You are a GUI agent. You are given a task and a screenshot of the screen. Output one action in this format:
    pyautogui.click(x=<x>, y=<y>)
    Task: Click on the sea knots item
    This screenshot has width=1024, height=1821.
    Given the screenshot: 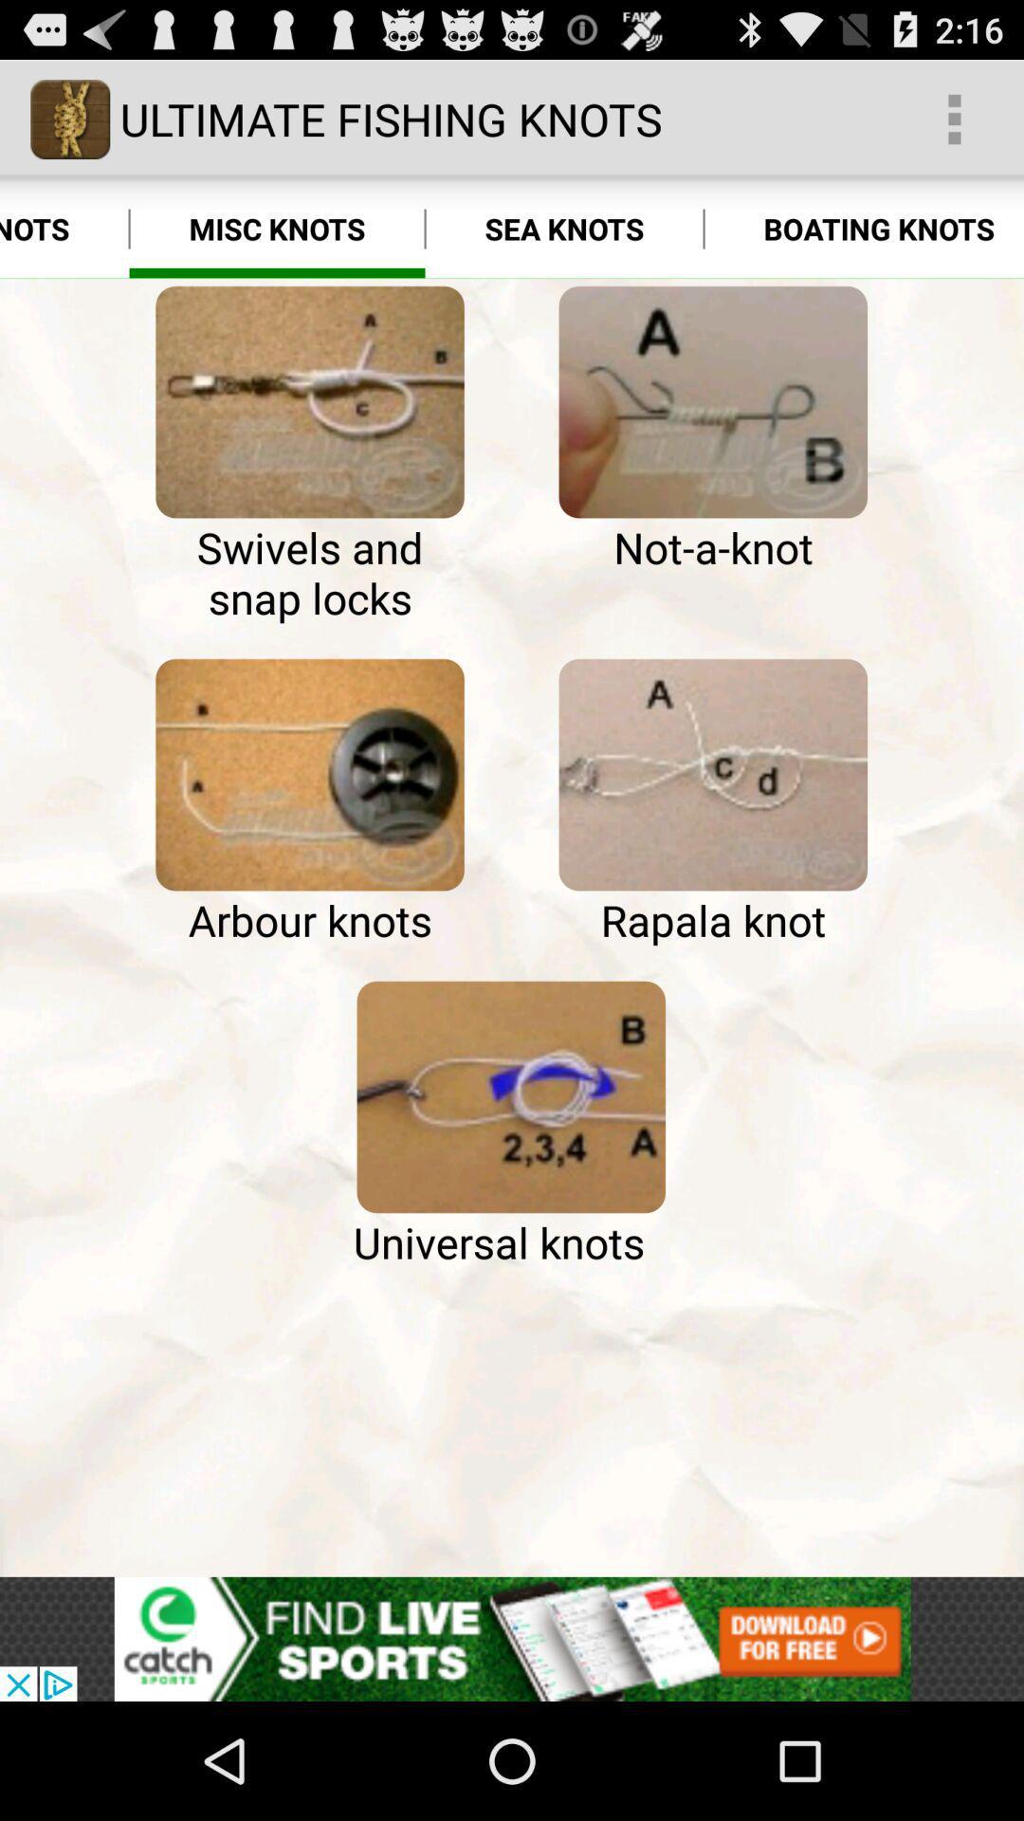 What is the action you would take?
    pyautogui.click(x=563, y=228)
    